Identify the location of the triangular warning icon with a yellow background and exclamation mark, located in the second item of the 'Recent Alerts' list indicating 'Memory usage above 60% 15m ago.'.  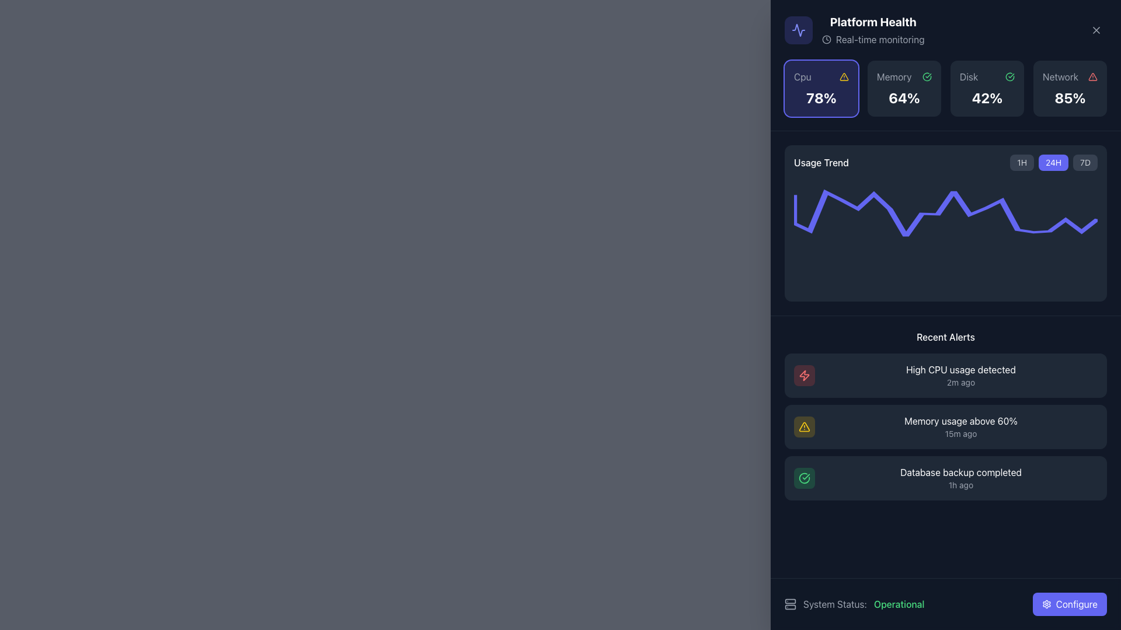
(803, 427).